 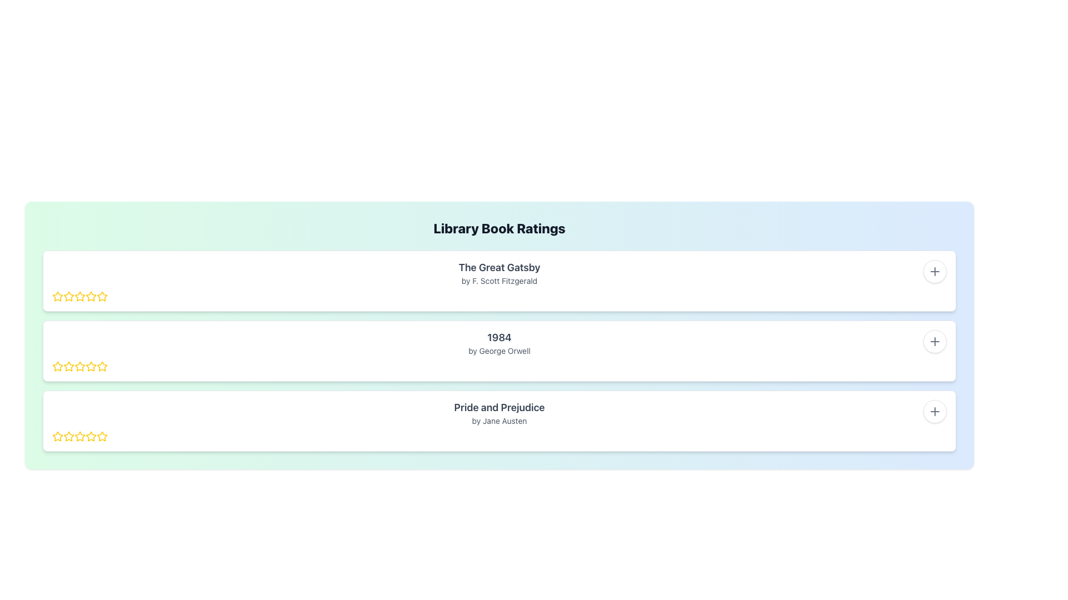 What do you see at coordinates (80, 296) in the screenshot?
I see `for interaction on the fifth yellow star icon in the rating component for 'The Great Gatsby'` at bounding box center [80, 296].